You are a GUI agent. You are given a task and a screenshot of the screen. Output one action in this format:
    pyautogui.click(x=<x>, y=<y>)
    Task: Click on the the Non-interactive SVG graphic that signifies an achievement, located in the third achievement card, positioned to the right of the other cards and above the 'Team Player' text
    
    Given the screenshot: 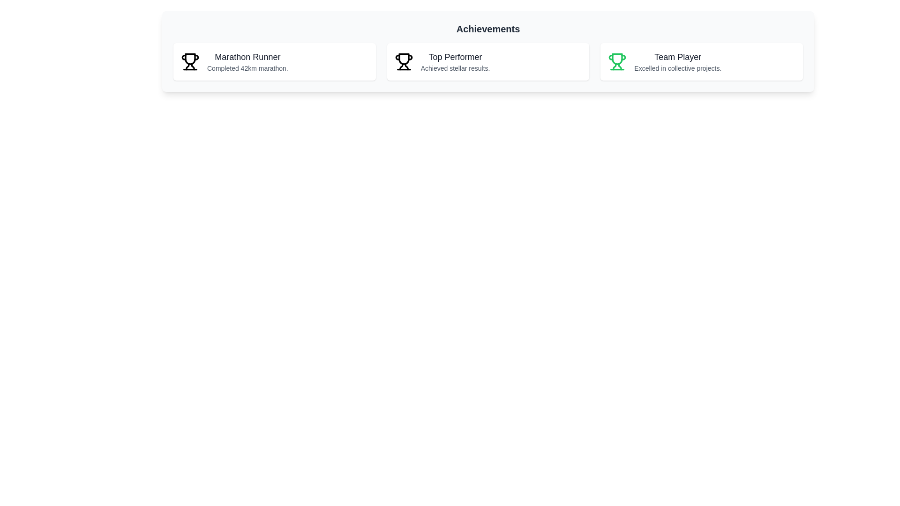 What is the action you would take?
    pyautogui.click(x=617, y=59)
    